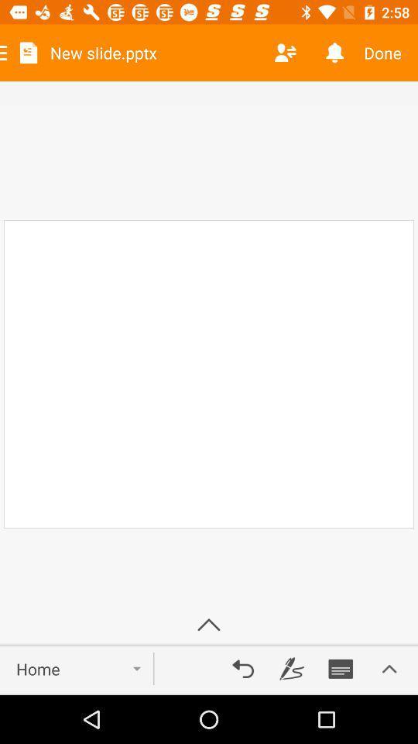 This screenshot has width=418, height=744. What do you see at coordinates (284, 53) in the screenshot?
I see `switch accounts` at bounding box center [284, 53].